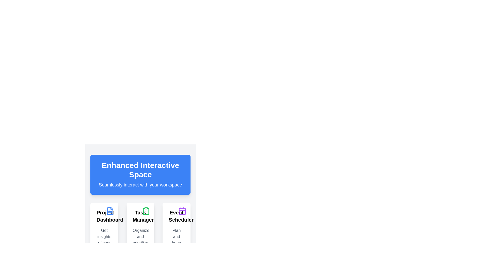 This screenshot has width=493, height=277. Describe the element at coordinates (140, 174) in the screenshot. I see `the Informational Card at the top center of the interface, which serves as a header or feature highlight for enhanced workspace interactivity` at that location.